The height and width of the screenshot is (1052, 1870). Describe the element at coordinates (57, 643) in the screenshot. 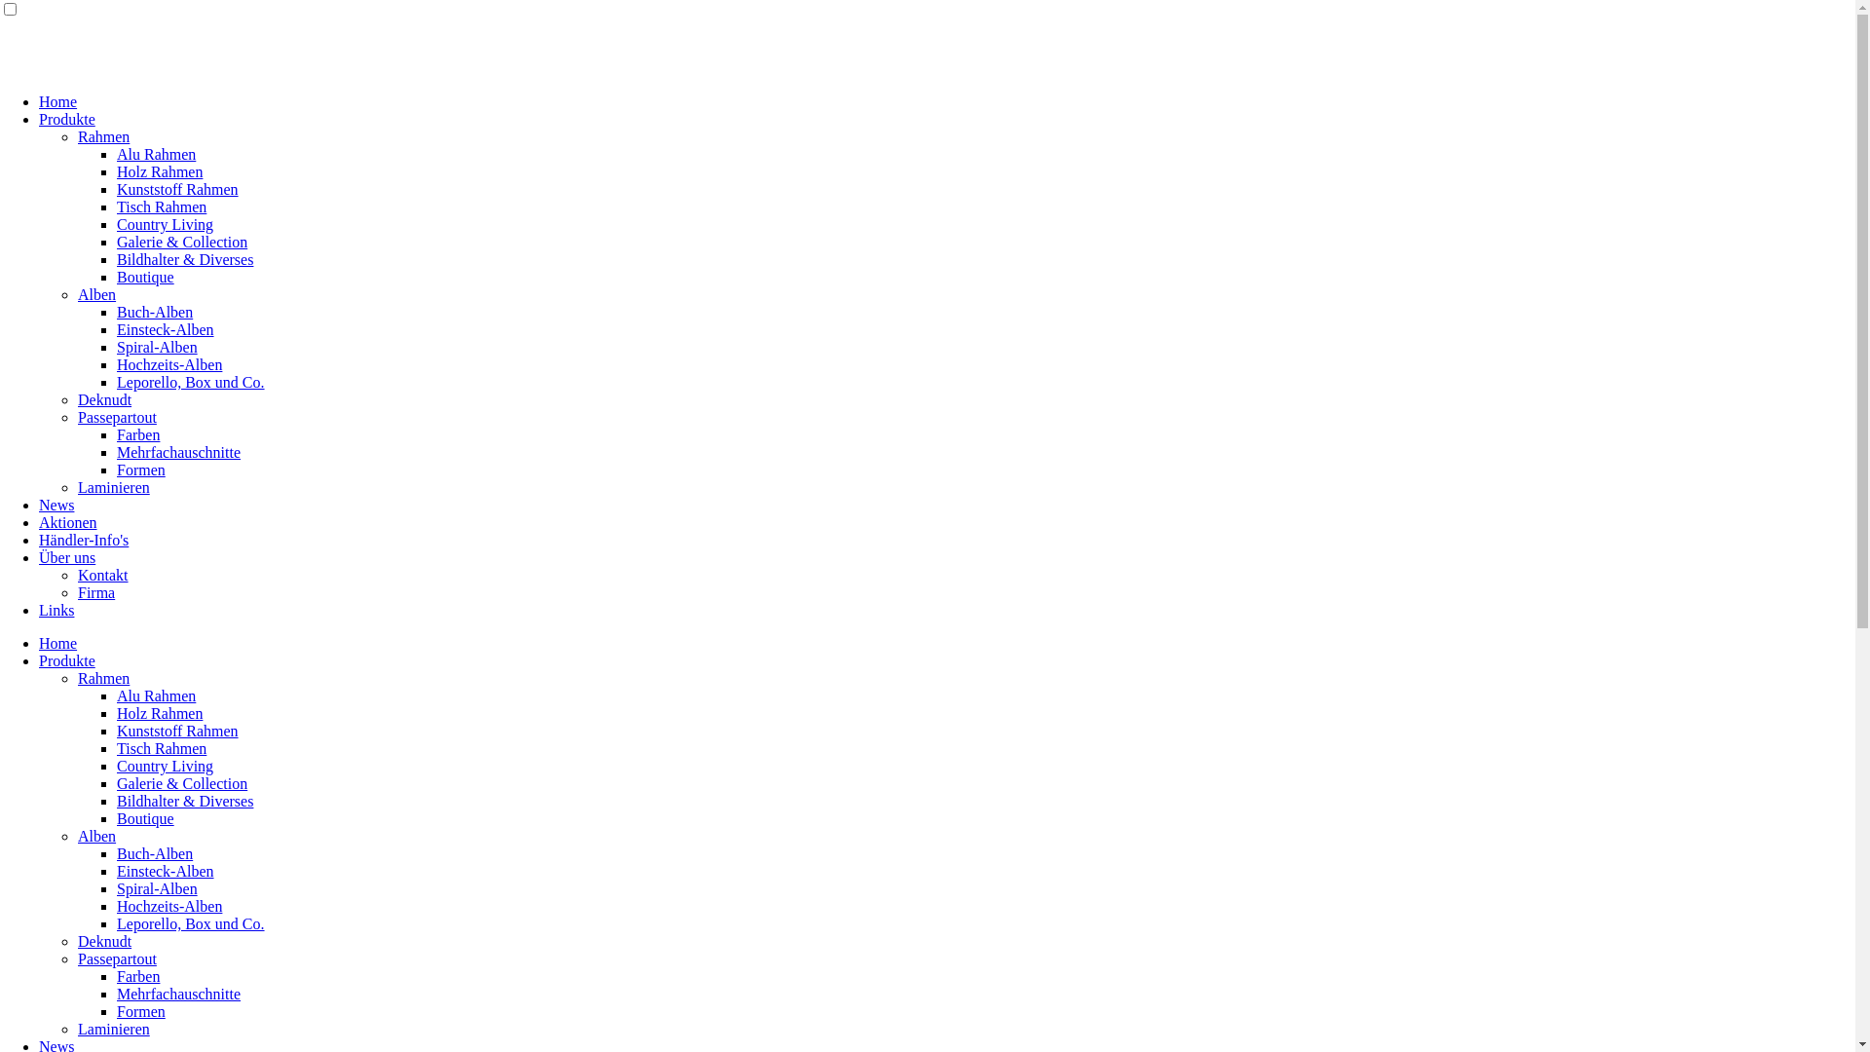

I see `'Home'` at that location.